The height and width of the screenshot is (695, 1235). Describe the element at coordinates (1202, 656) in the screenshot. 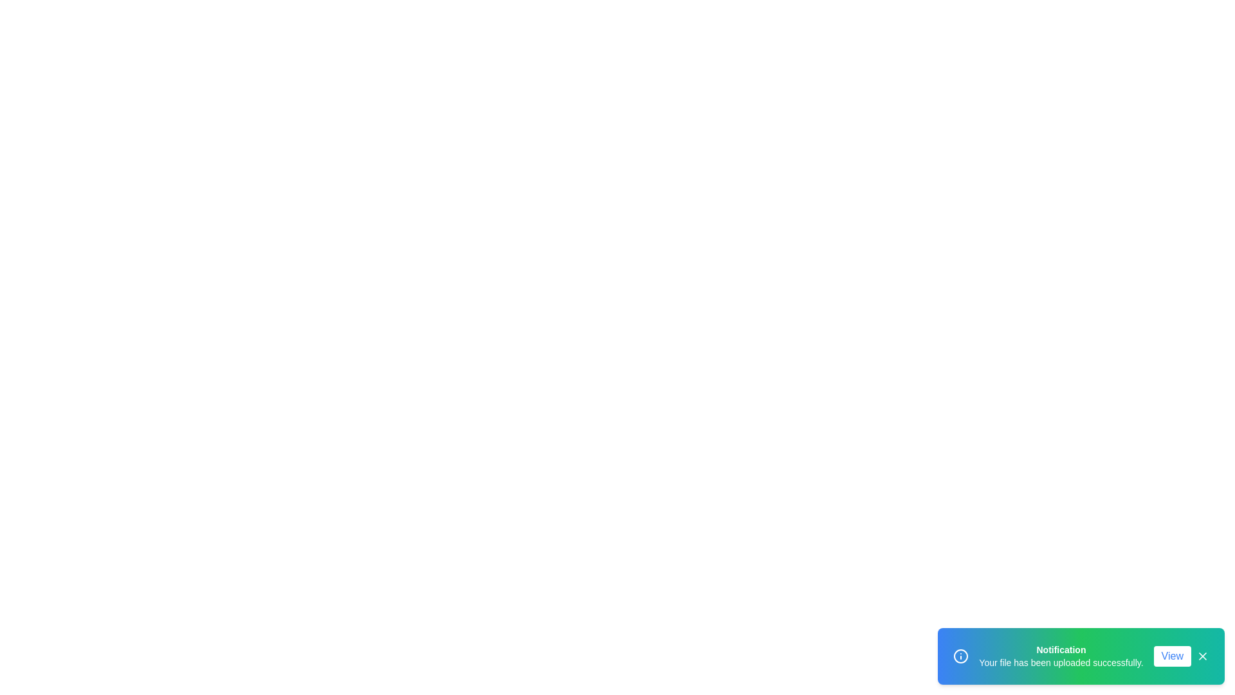

I see `the 'Close' button to dismiss the snackbar` at that location.